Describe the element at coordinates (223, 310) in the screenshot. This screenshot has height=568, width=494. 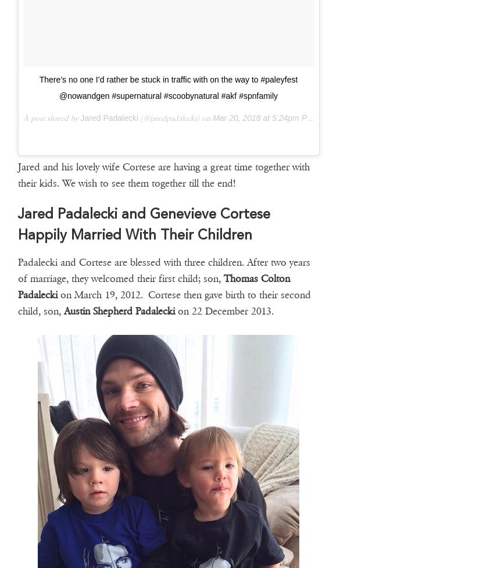
I see `'on 22 December 2013.'` at that location.